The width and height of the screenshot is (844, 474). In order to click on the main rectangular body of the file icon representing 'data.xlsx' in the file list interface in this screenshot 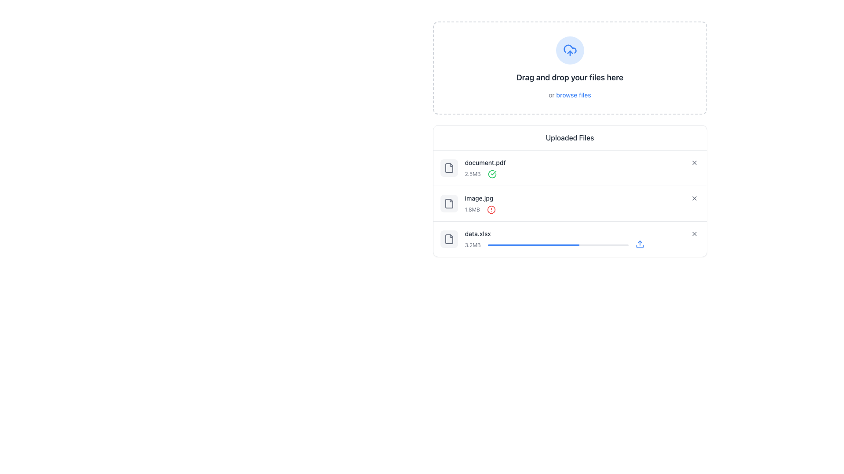, I will do `click(449, 239)`.